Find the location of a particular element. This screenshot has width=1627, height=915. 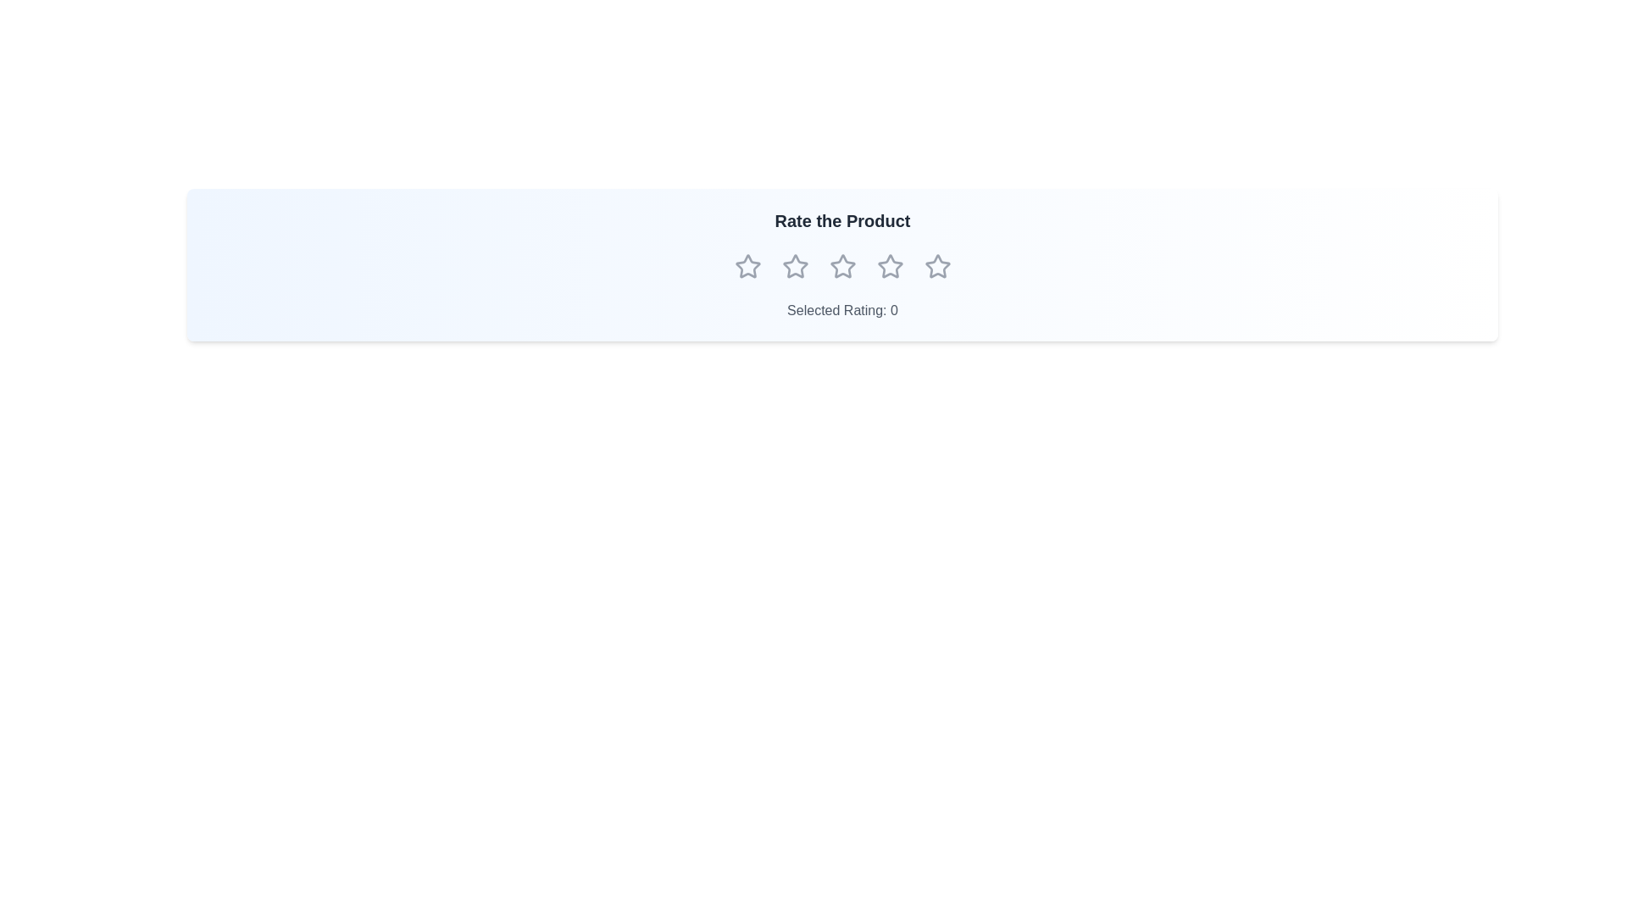

the middle star icon in the rating stars section, located beneath the heading 'Rate the Product', to trigger the tooltip or animation is located at coordinates (842, 267).